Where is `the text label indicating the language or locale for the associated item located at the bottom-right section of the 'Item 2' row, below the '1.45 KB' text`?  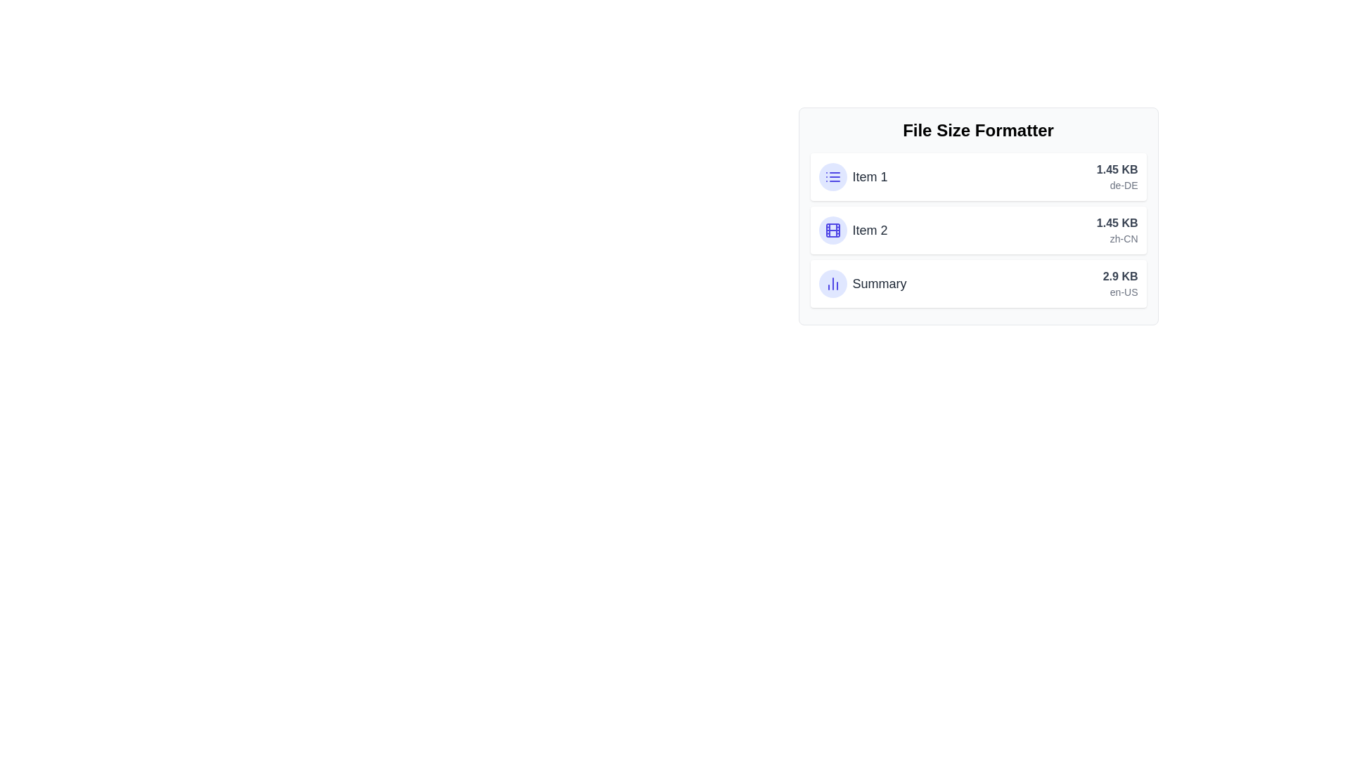 the text label indicating the language or locale for the associated item located at the bottom-right section of the 'Item 2' row, below the '1.45 KB' text is located at coordinates (1117, 238).